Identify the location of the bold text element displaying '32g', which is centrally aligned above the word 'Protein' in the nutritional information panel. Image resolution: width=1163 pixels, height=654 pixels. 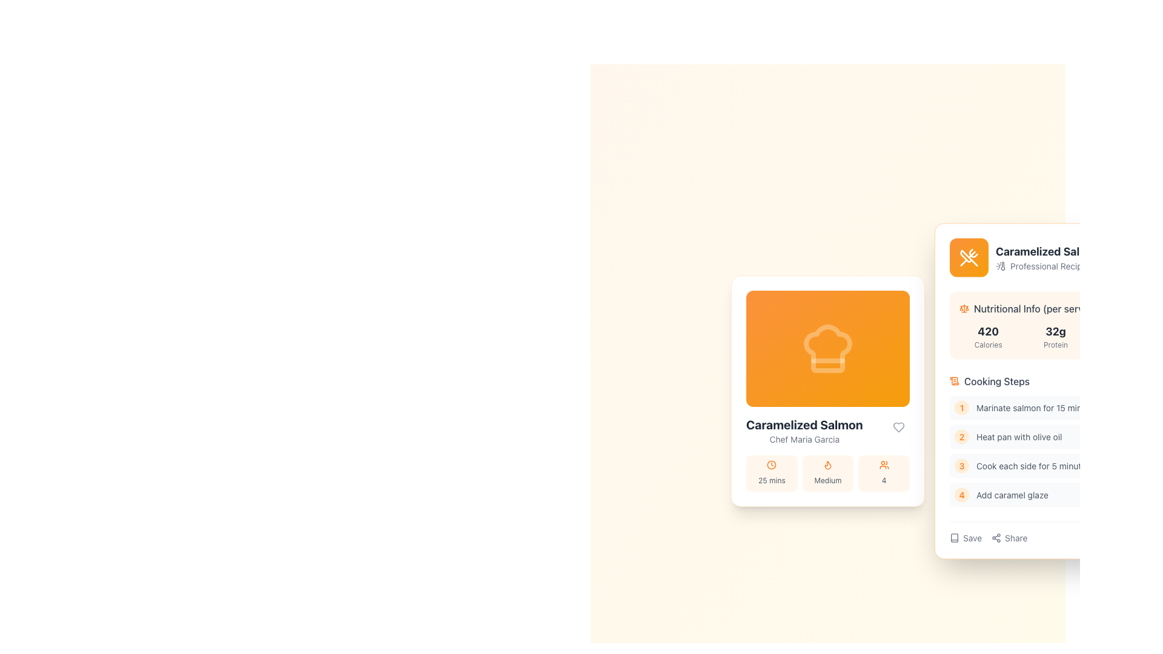
(1055, 331).